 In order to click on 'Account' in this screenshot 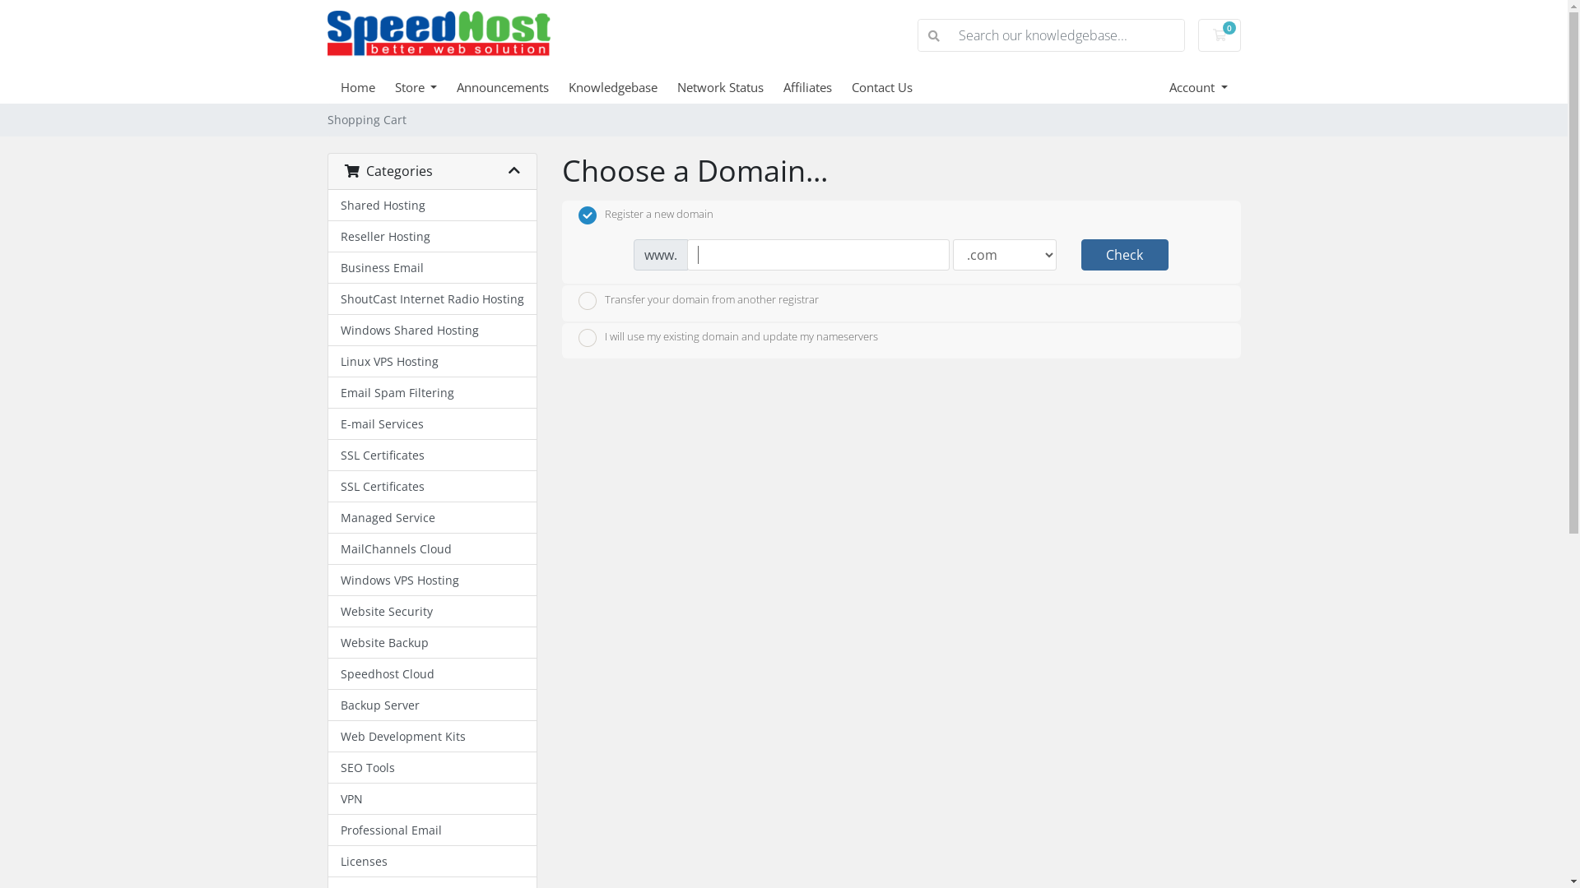, I will do `click(1198, 86)`.